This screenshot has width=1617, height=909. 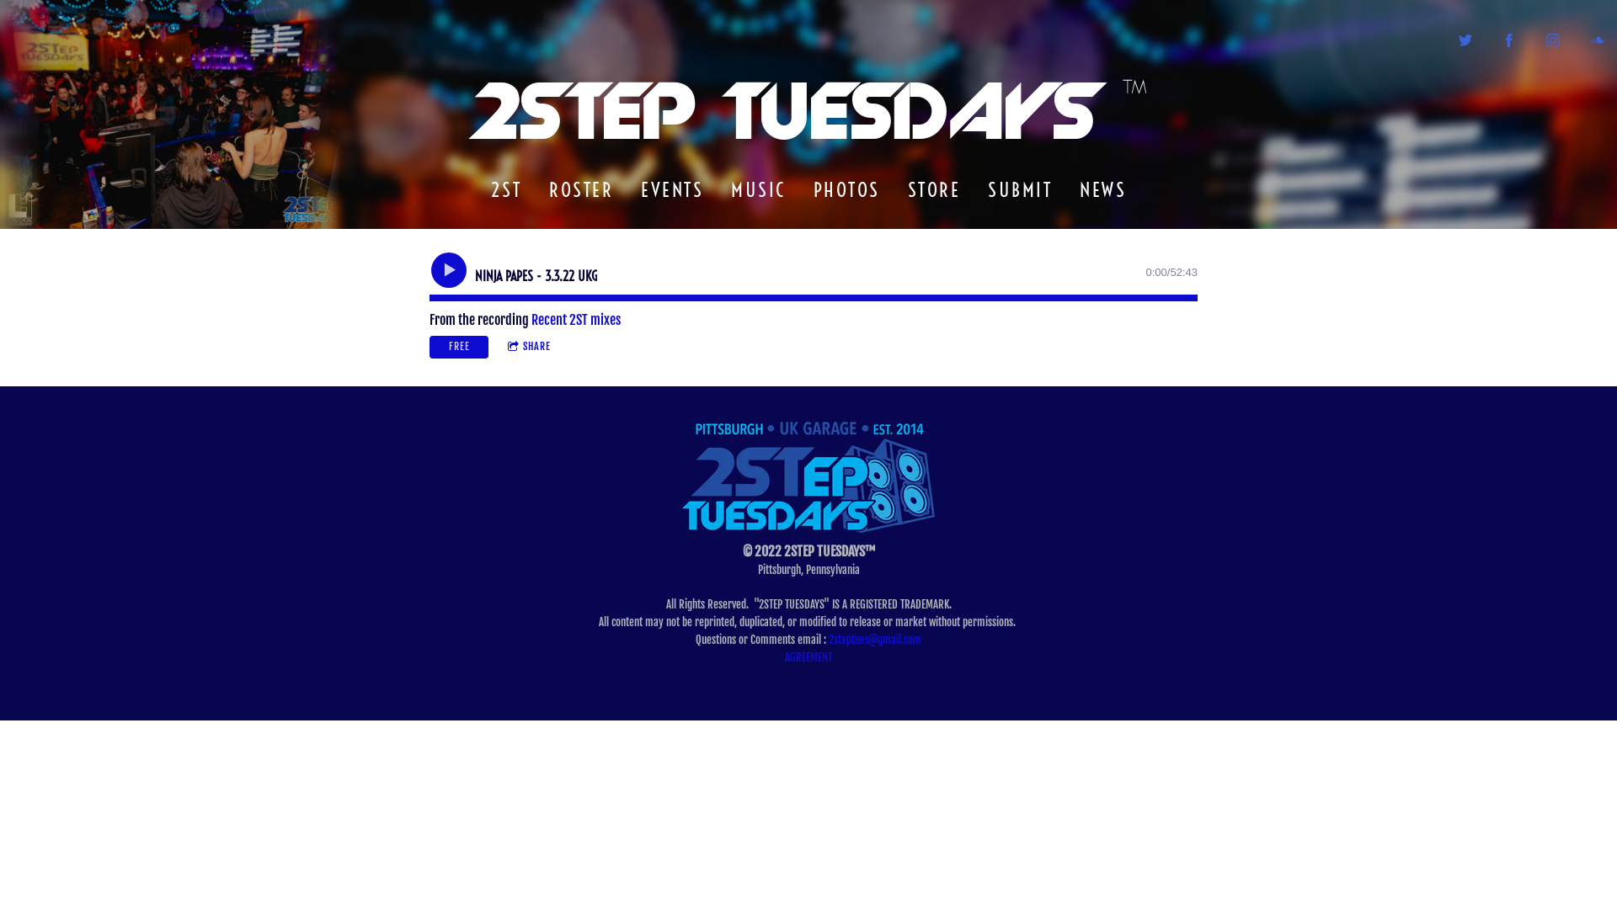 What do you see at coordinates (439, 268) in the screenshot?
I see `'Play'` at bounding box center [439, 268].